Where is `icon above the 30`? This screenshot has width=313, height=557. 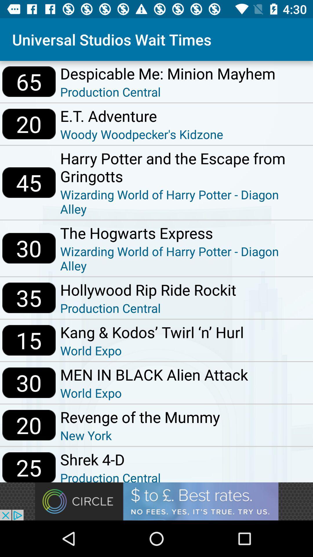
icon above the 30 is located at coordinates (29, 340).